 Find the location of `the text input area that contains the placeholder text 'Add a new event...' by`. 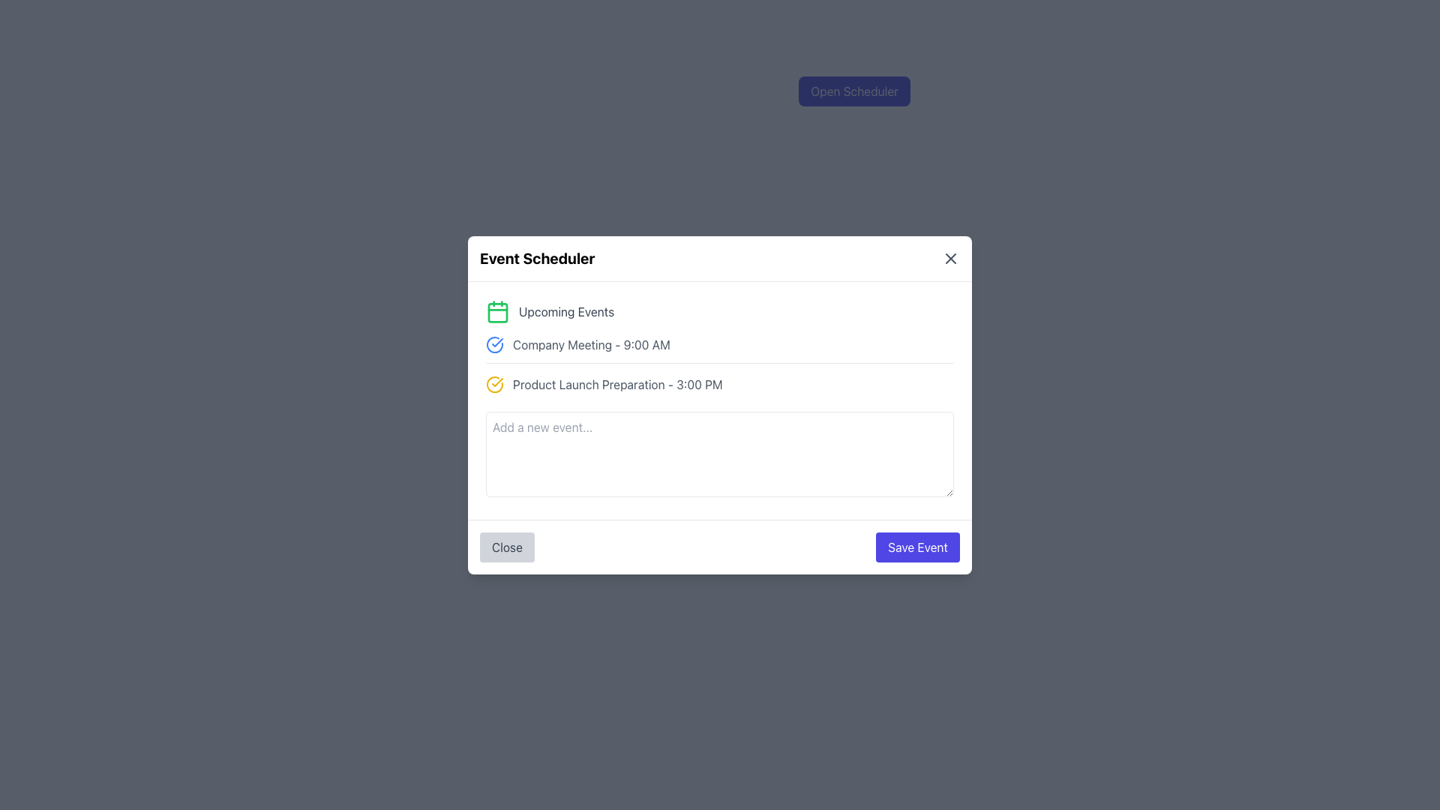

the text input area that contains the placeholder text 'Add a new event...' by is located at coordinates (720, 453).